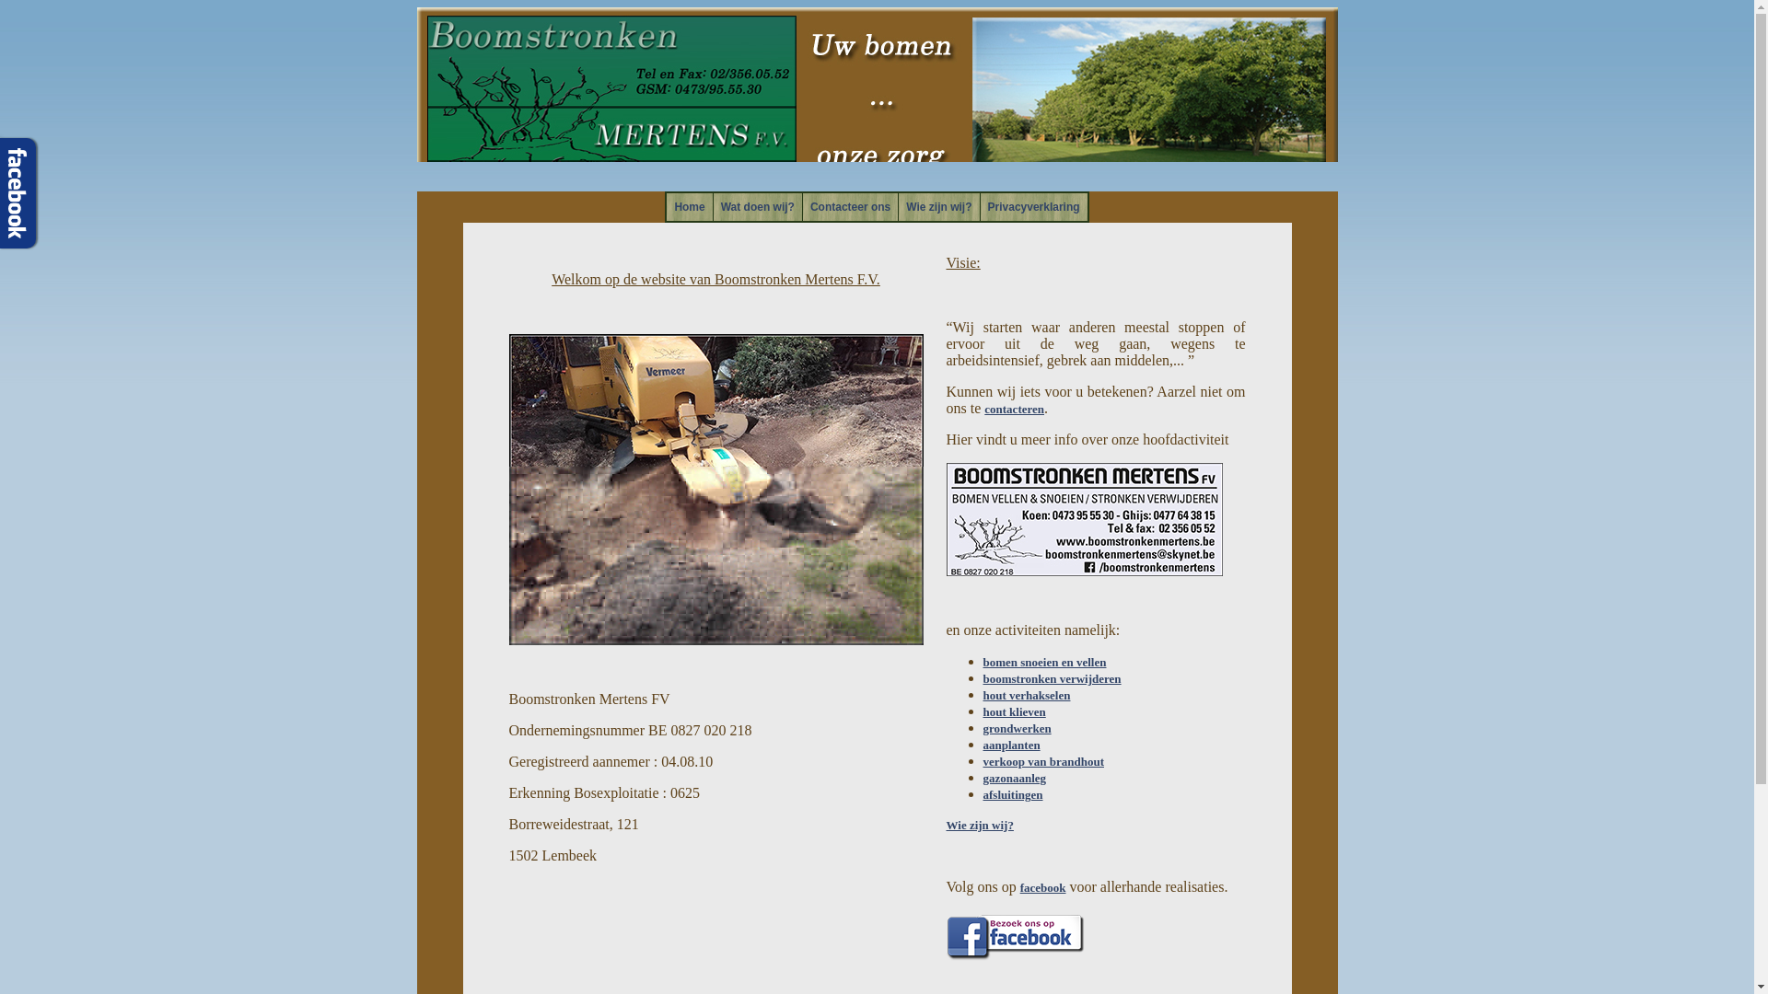 The width and height of the screenshot is (1768, 994). I want to click on 'Home', so click(688, 206).